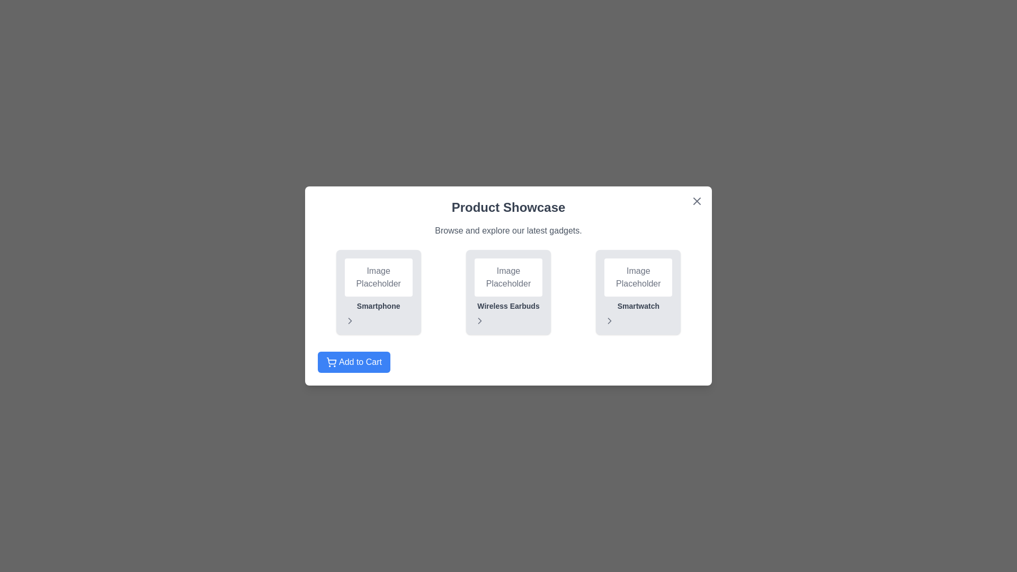  What do you see at coordinates (638, 306) in the screenshot?
I see `the 'Smartwatch' text label located at the bottom of the third card in a horizontal list, which serves as a label for the associated image above it` at bounding box center [638, 306].